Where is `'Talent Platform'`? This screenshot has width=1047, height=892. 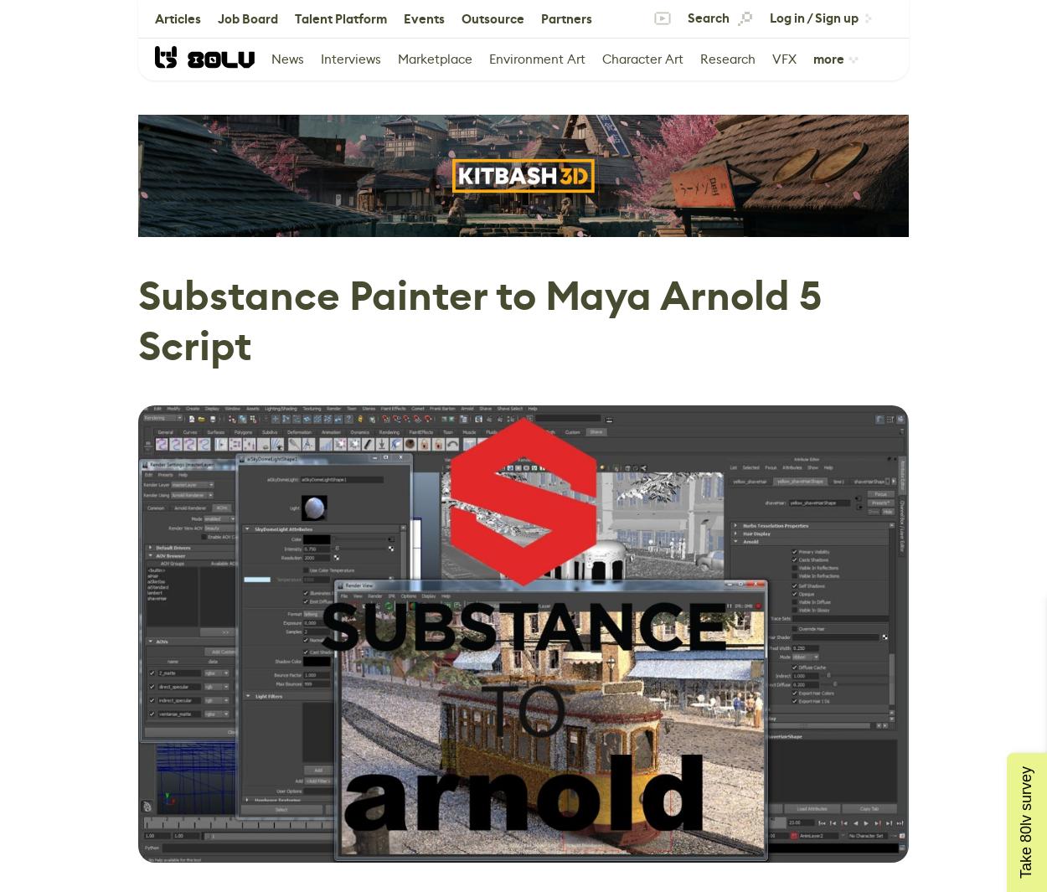 'Talent Platform' is located at coordinates (341, 18).